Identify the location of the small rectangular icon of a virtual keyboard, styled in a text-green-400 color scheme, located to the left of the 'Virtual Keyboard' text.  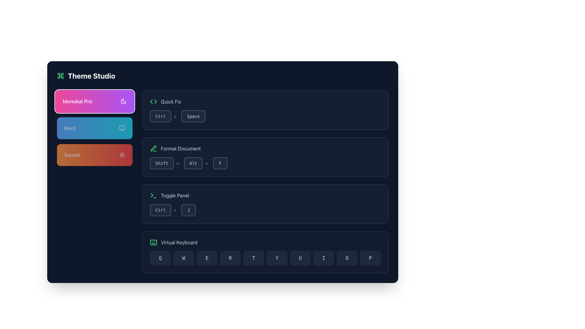
(154, 242).